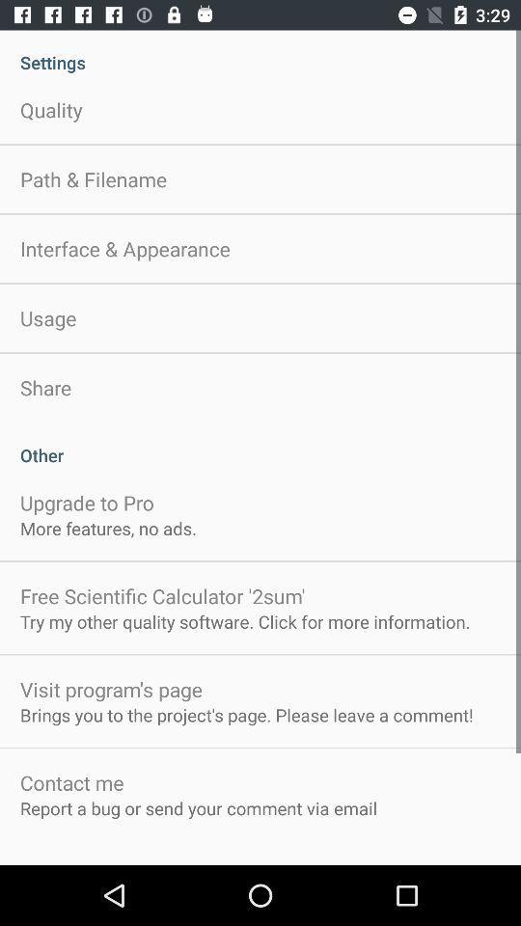 This screenshot has height=926, width=521. Describe the element at coordinates (198, 808) in the screenshot. I see `the report a bug app` at that location.